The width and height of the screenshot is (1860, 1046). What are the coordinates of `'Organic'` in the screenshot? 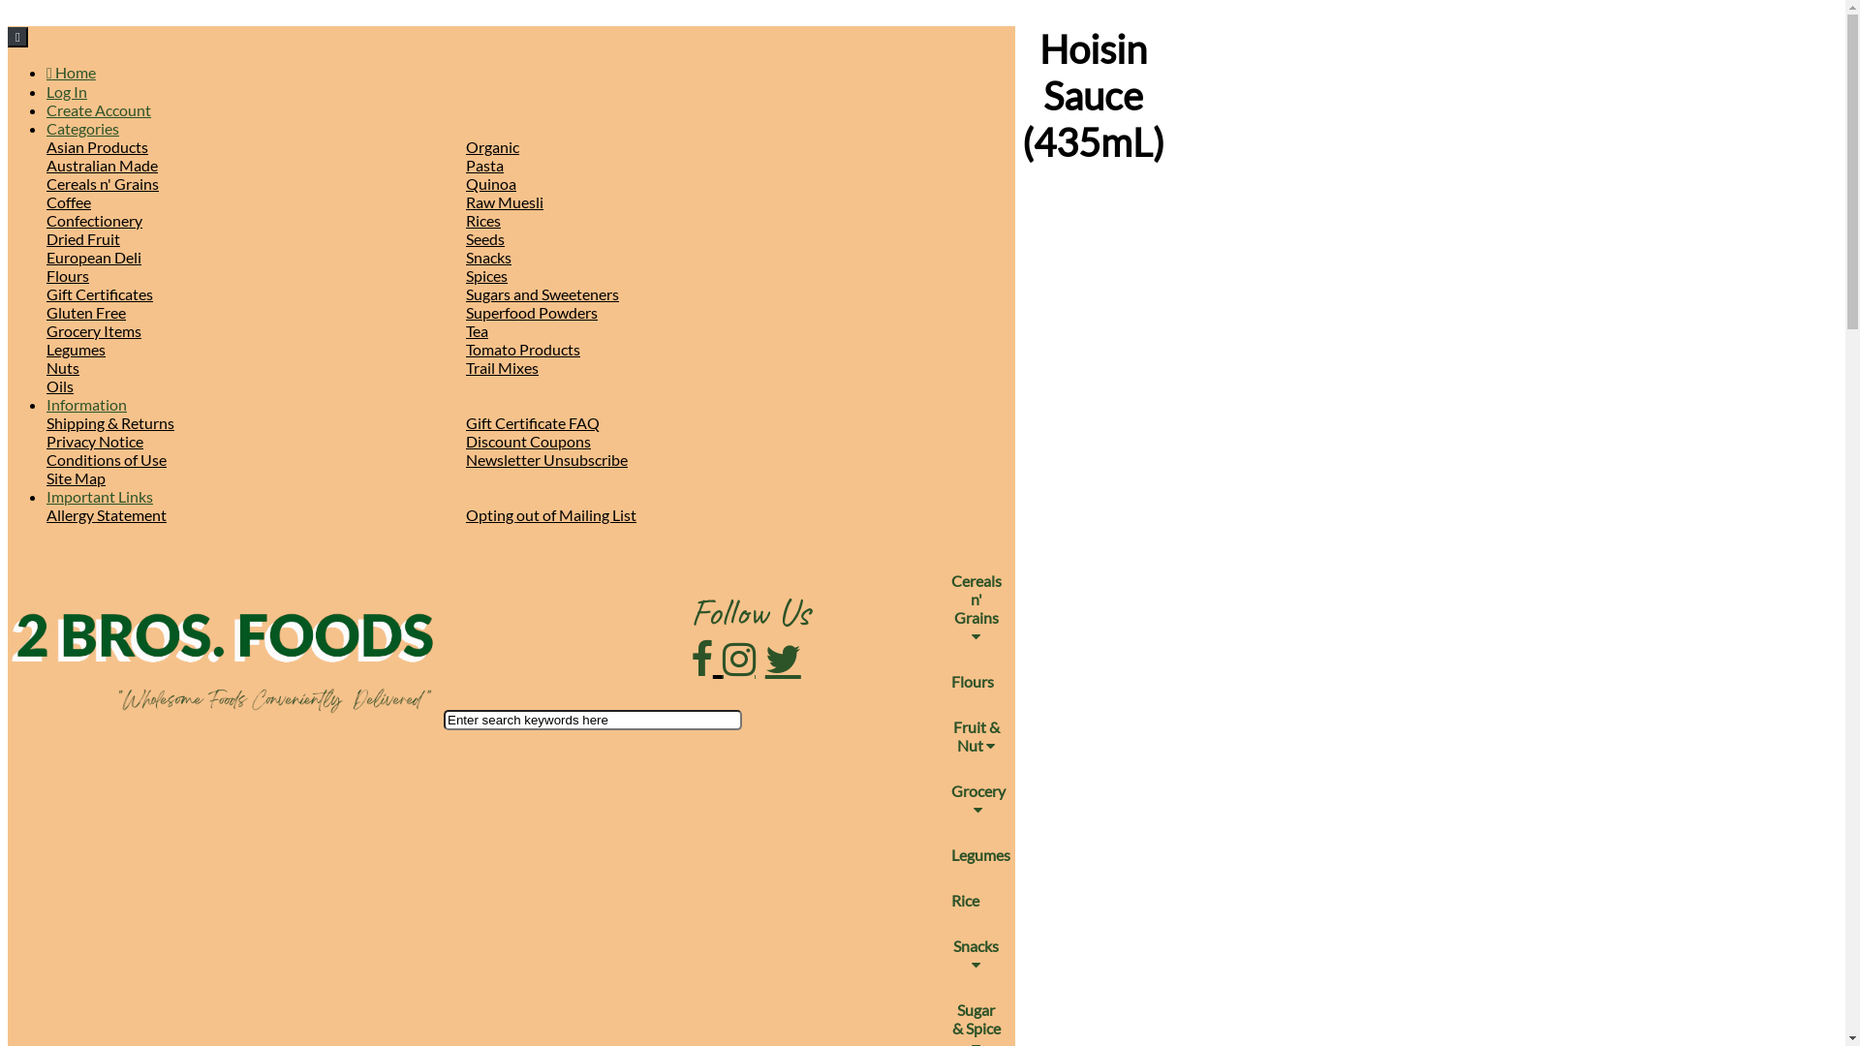 It's located at (492, 145).